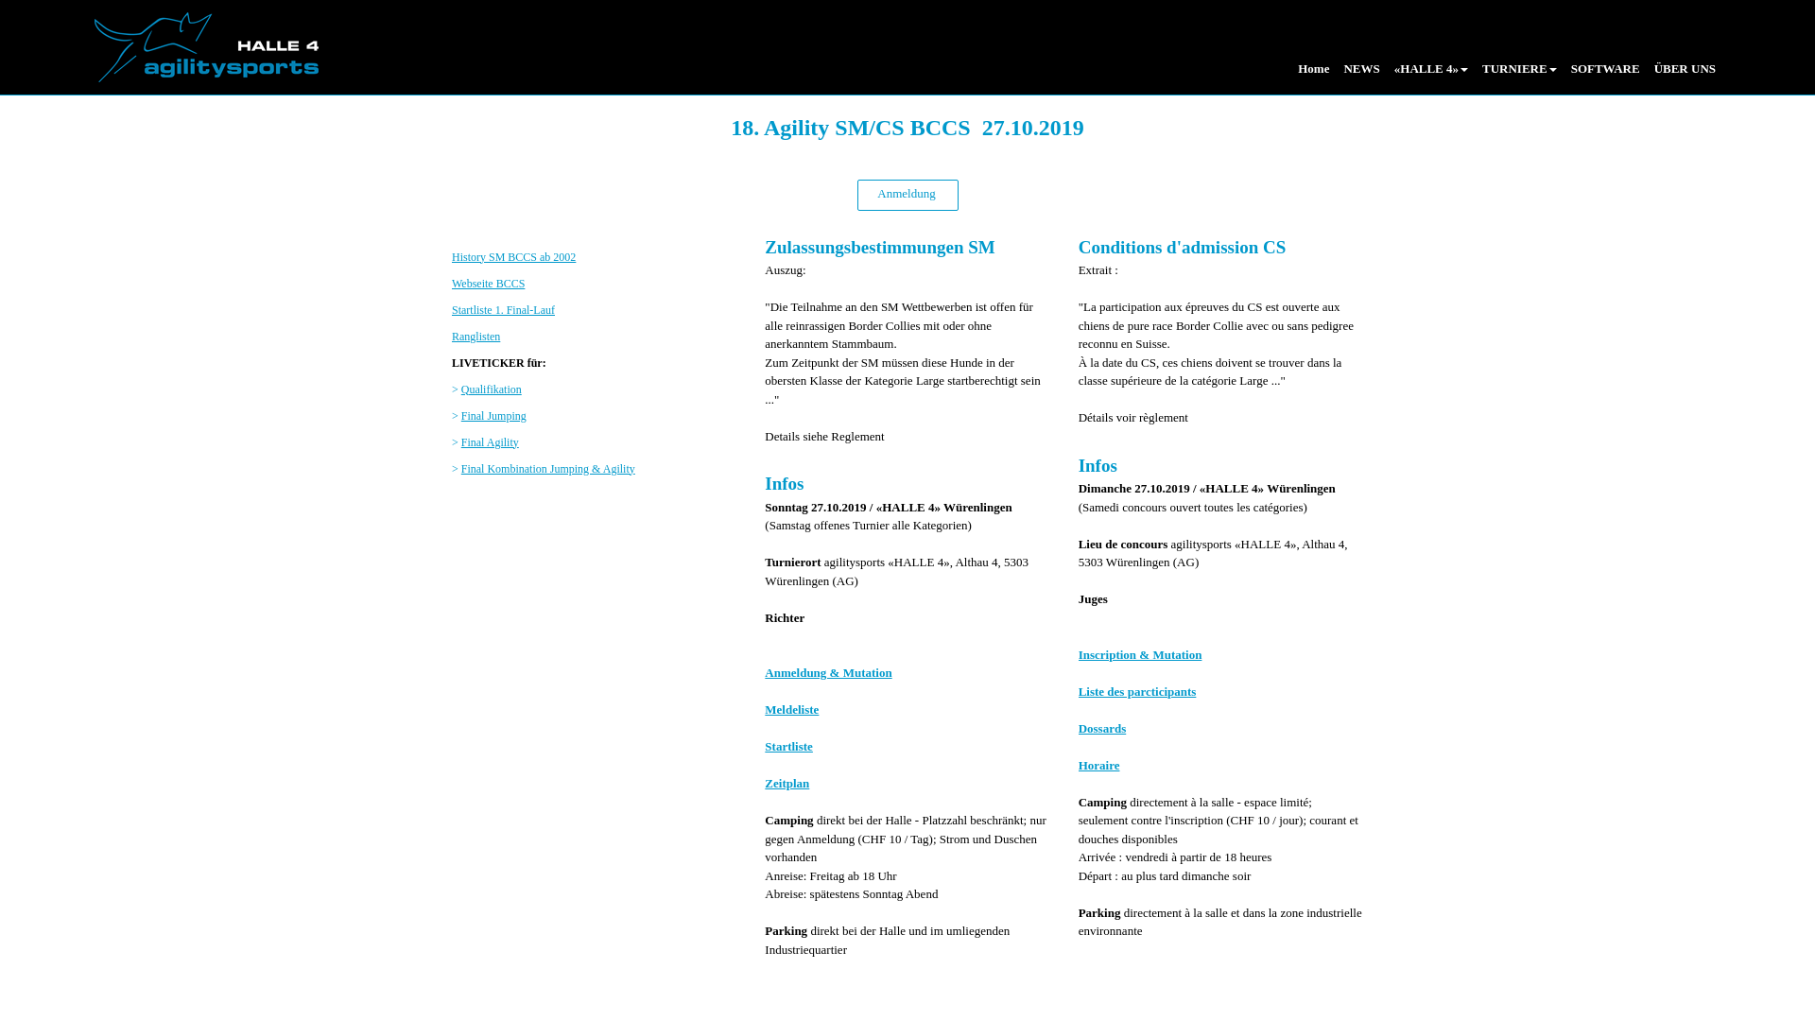 This screenshot has height=1021, width=1815. Describe the element at coordinates (461, 467) in the screenshot. I see `'Final Kombination Jumping & Agility'` at that location.